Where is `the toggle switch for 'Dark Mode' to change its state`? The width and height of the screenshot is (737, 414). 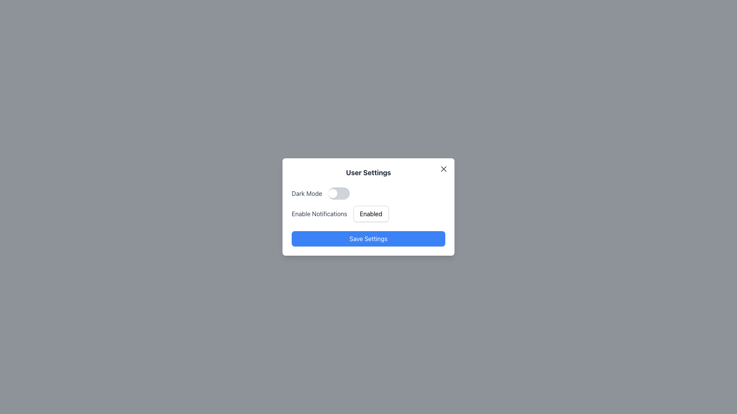 the toggle switch for 'Dark Mode' to change its state is located at coordinates (368, 193).